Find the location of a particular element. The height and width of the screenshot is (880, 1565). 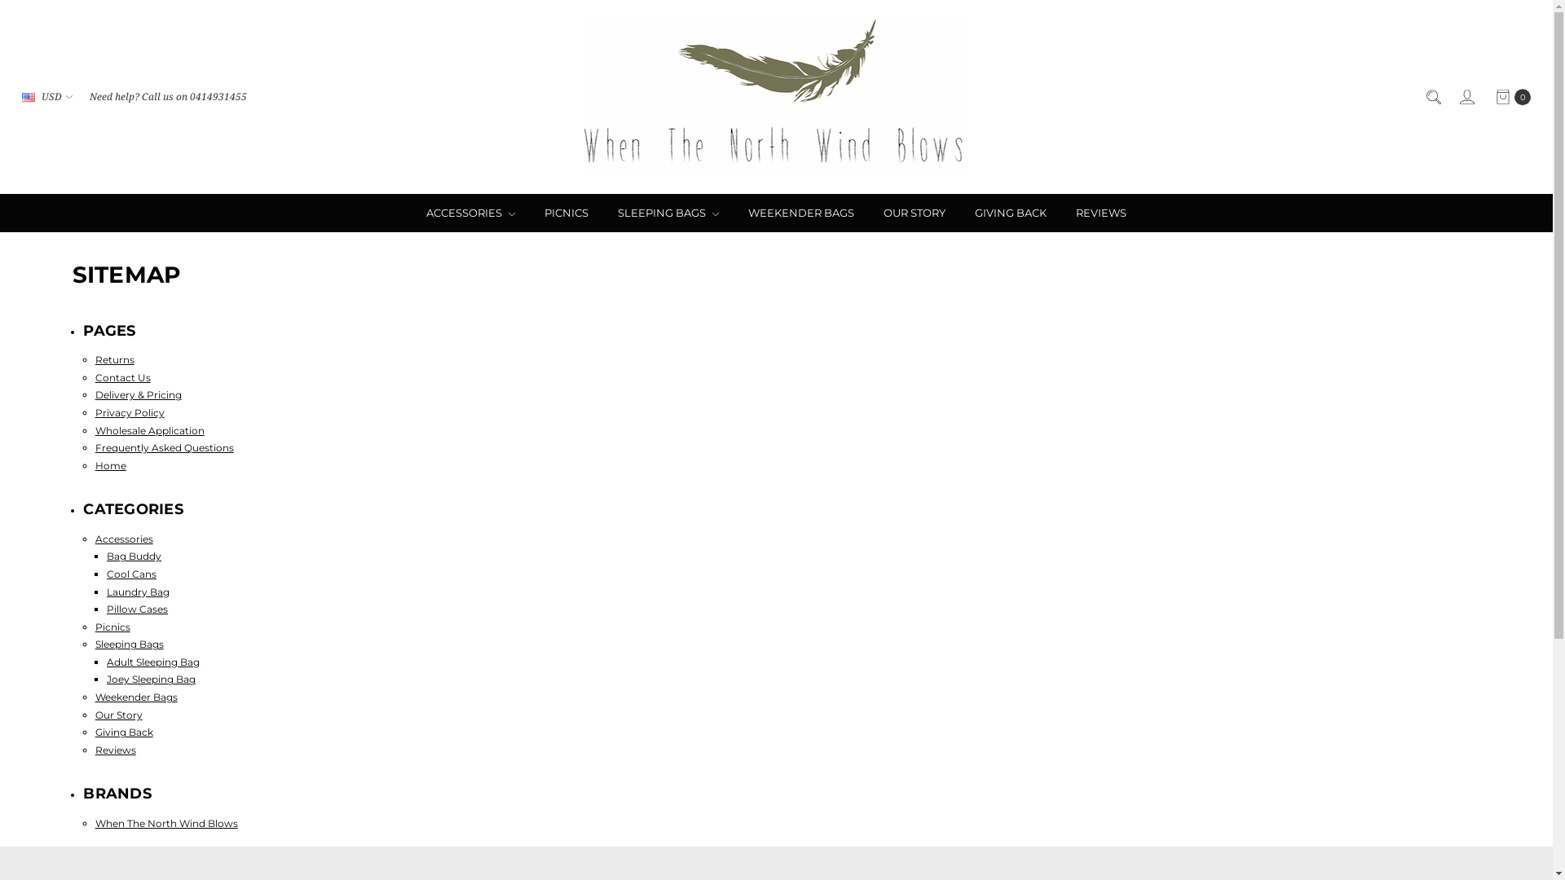

'When The North Wind Blows' is located at coordinates (583, 97).